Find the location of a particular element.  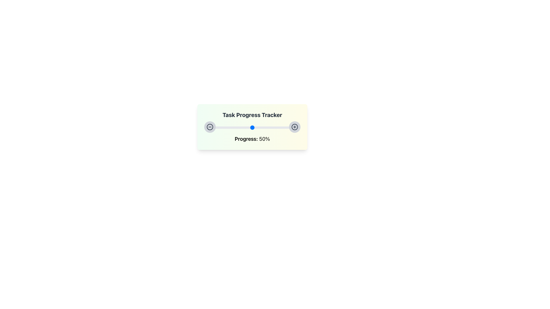

the button on the left side of the horizontal slider labeled 'Progress: 50%' to decrease the slider's current value is located at coordinates (210, 126).